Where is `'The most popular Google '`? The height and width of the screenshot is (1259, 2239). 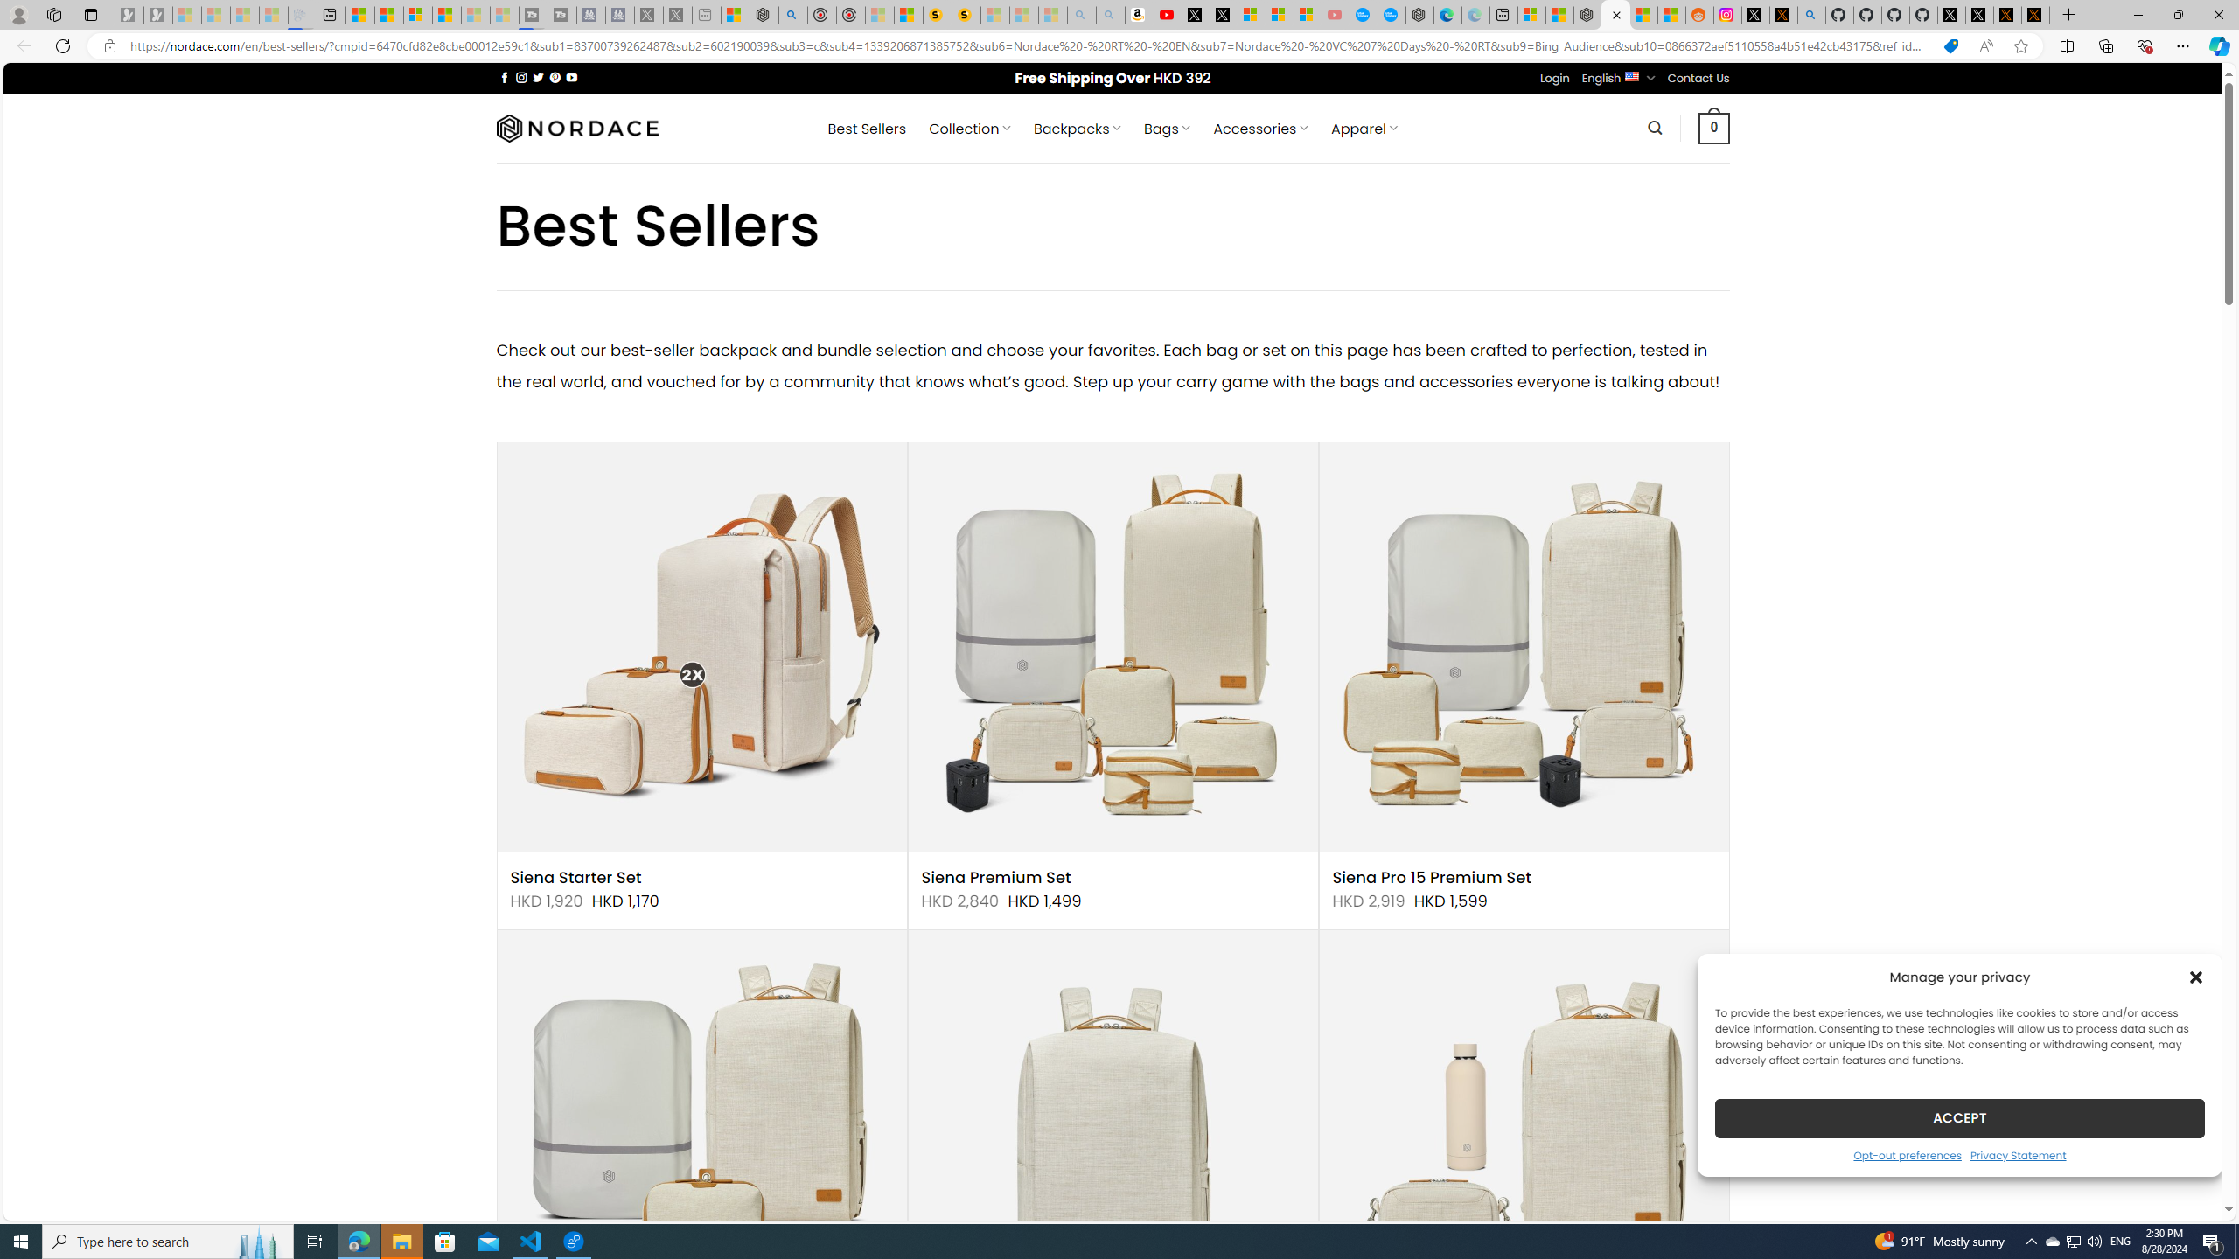 'The most popular Google ' is located at coordinates (1391, 14).